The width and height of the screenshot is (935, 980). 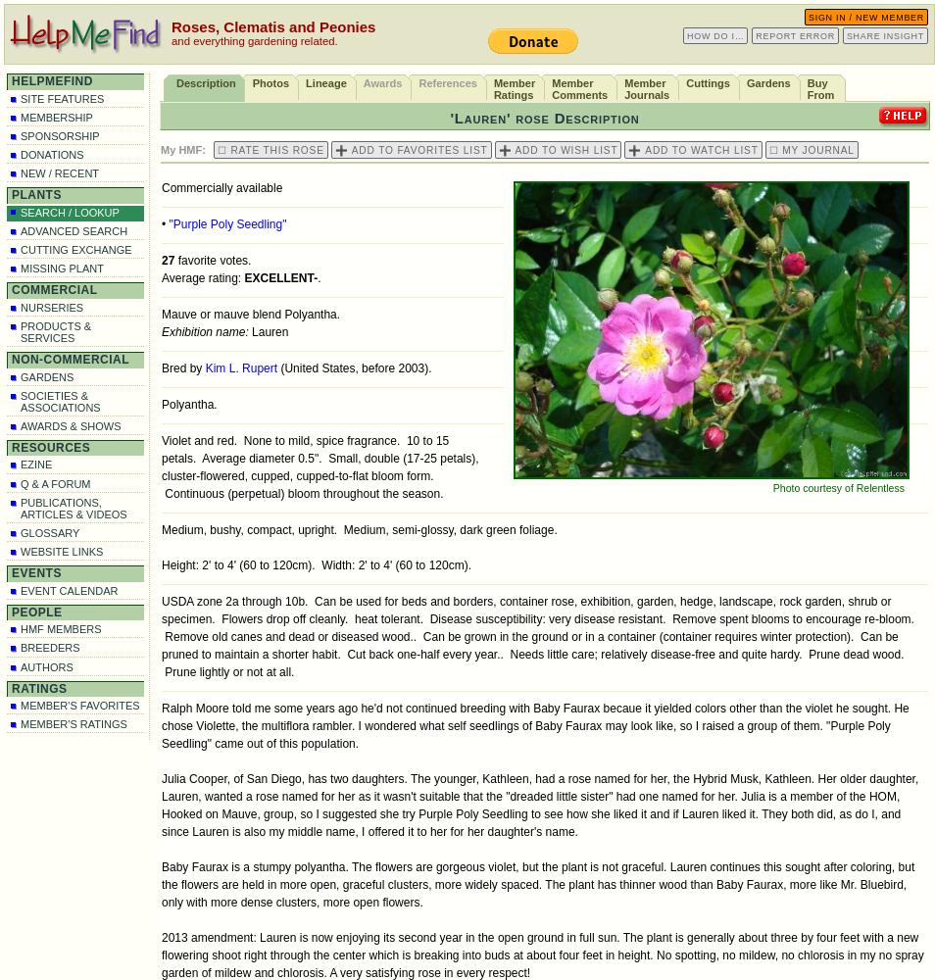 What do you see at coordinates (68, 589) in the screenshot?
I see `'EVENT CALENDAR'` at bounding box center [68, 589].